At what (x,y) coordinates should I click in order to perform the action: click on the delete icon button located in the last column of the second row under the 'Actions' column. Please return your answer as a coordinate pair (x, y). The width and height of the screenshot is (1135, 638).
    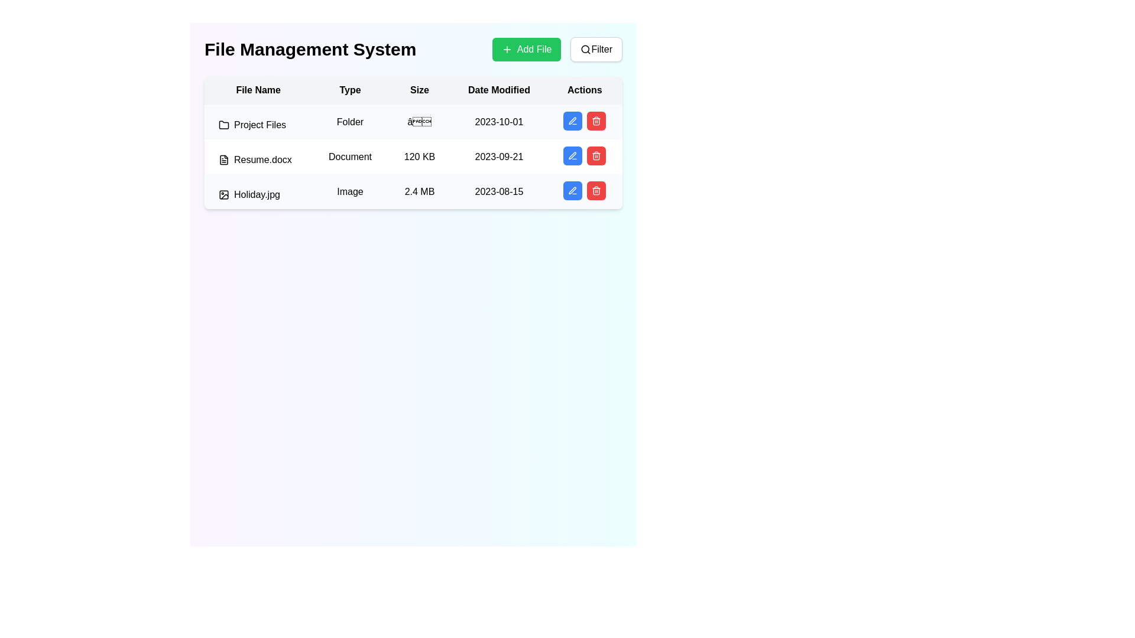
    Looking at the image, I should click on (596, 155).